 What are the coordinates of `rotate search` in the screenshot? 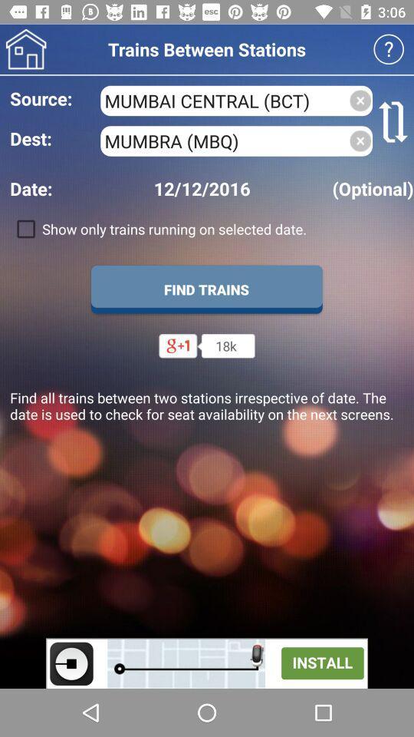 It's located at (393, 121).